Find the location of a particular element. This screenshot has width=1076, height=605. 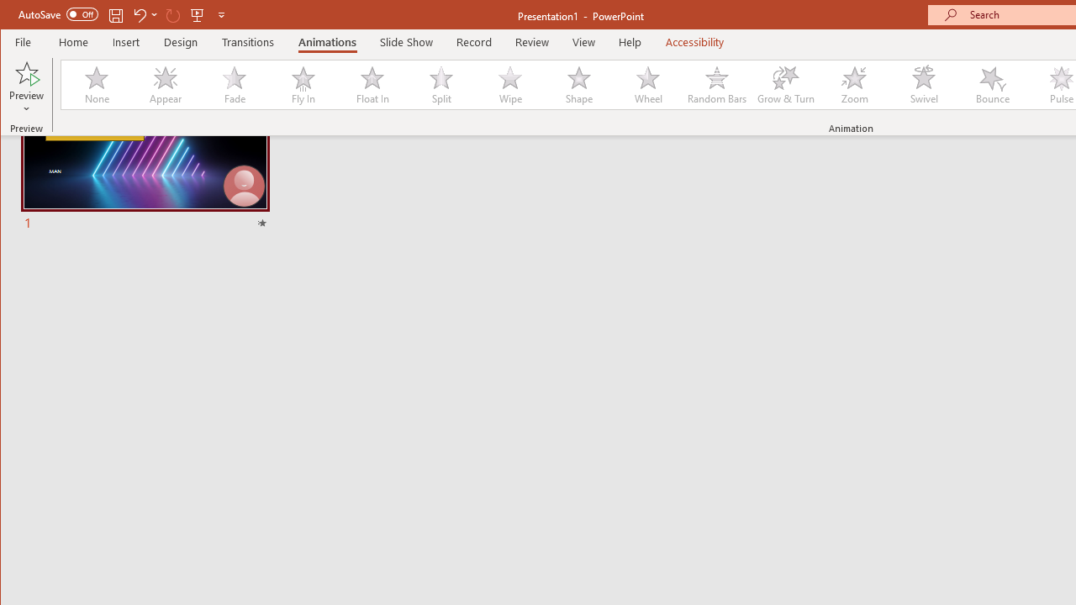

'Design' is located at coordinates (181, 41).